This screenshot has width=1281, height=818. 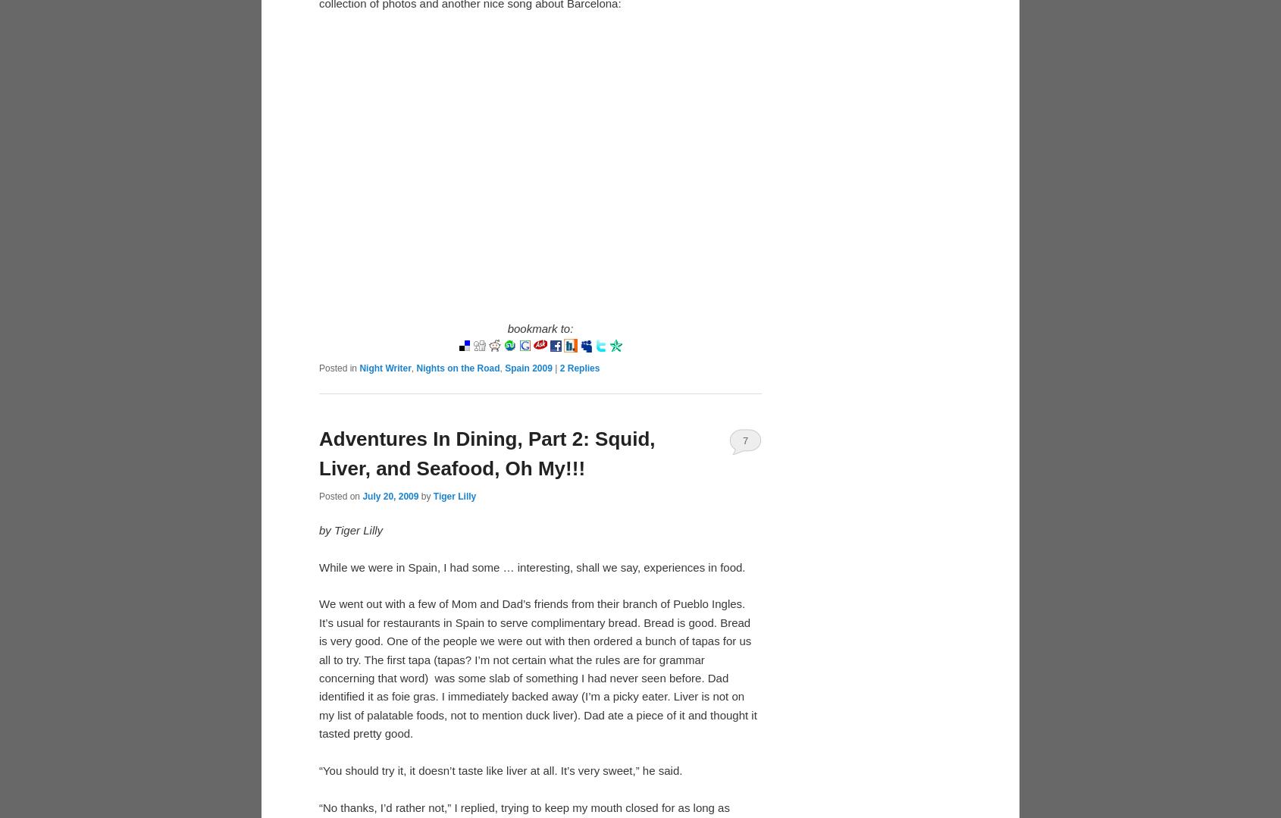 What do you see at coordinates (556, 367) in the screenshot?
I see `'|'` at bounding box center [556, 367].